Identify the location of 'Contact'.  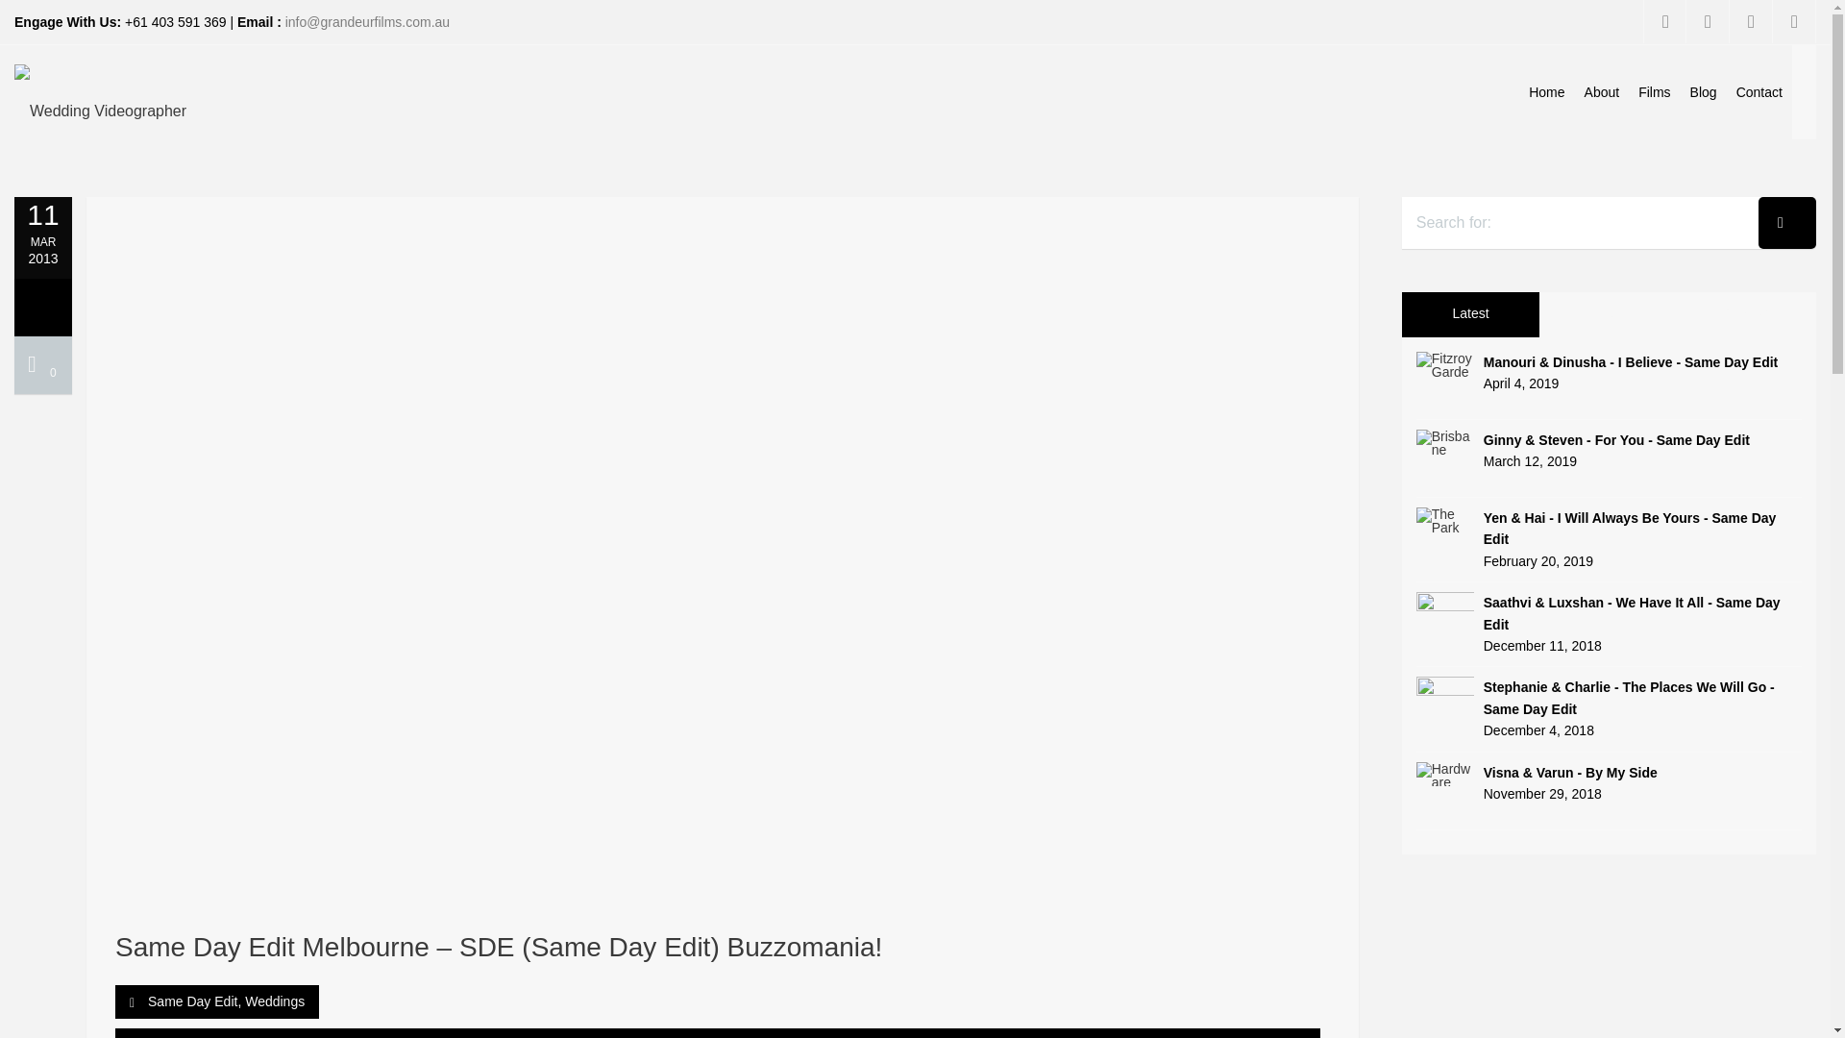
(1759, 92).